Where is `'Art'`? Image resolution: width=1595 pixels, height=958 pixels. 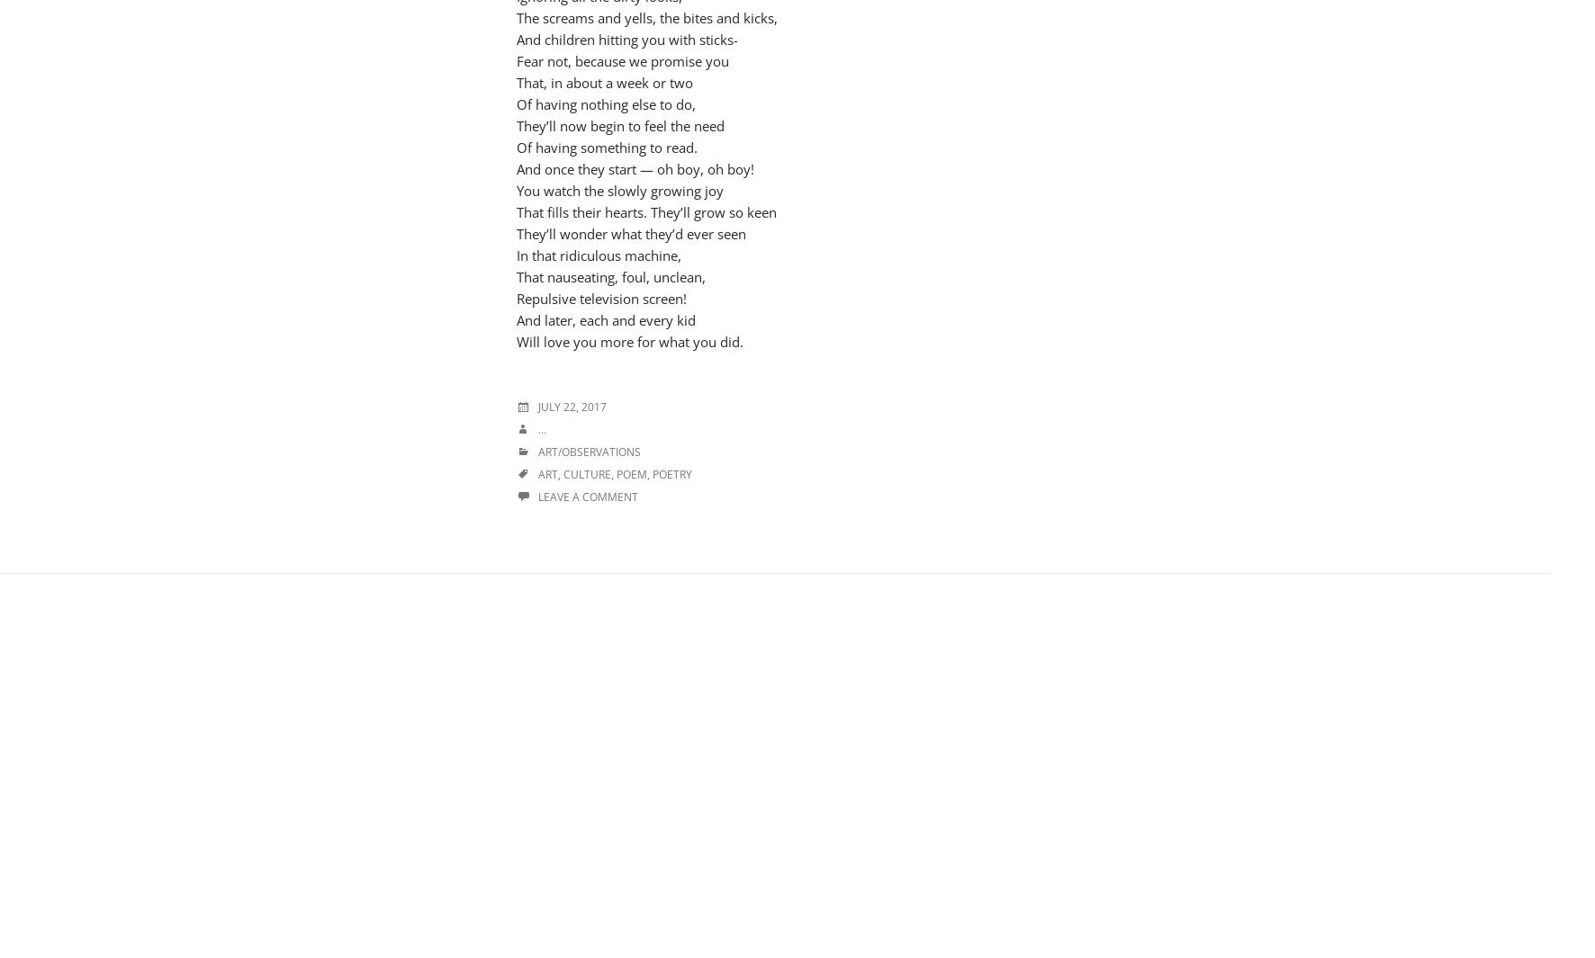 'Art' is located at coordinates (548, 473).